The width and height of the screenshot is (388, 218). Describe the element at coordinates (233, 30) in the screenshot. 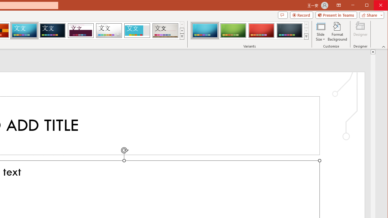

I see `'Circuit Variant 2'` at that location.